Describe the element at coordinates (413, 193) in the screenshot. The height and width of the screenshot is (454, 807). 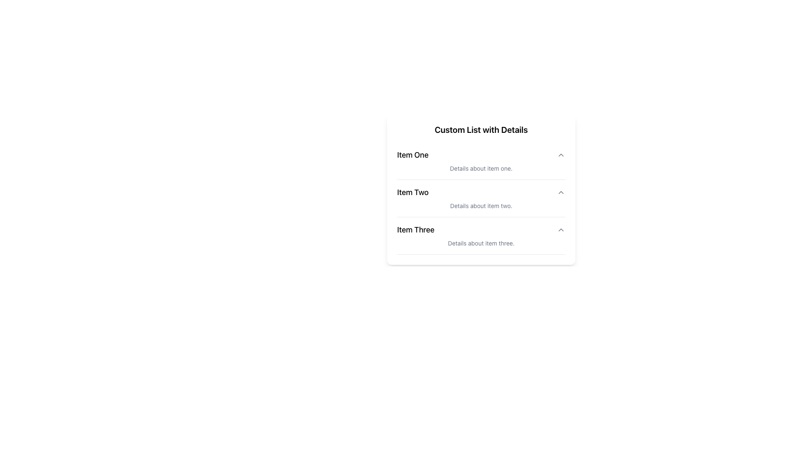
I see `text of the second item in the 'Custom List with Details', which is a Text Label positioned near the left margin of the central card` at that location.